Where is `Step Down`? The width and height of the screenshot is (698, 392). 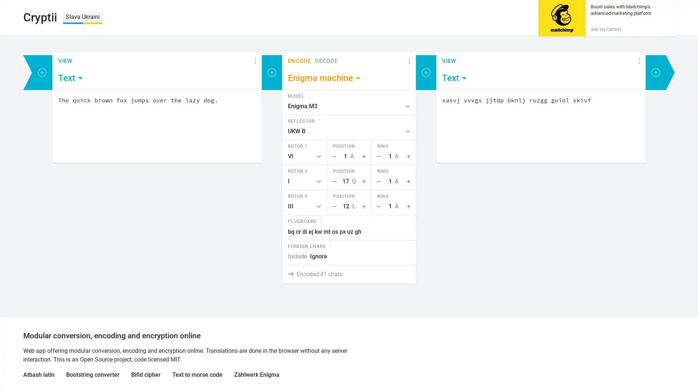
Step Down is located at coordinates (377, 181).